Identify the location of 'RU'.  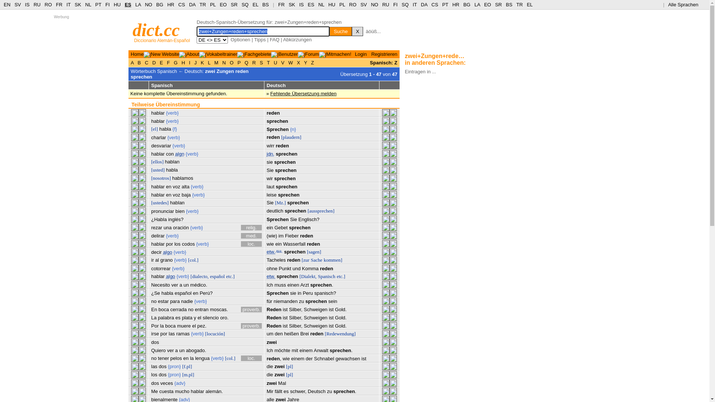
(36, 4).